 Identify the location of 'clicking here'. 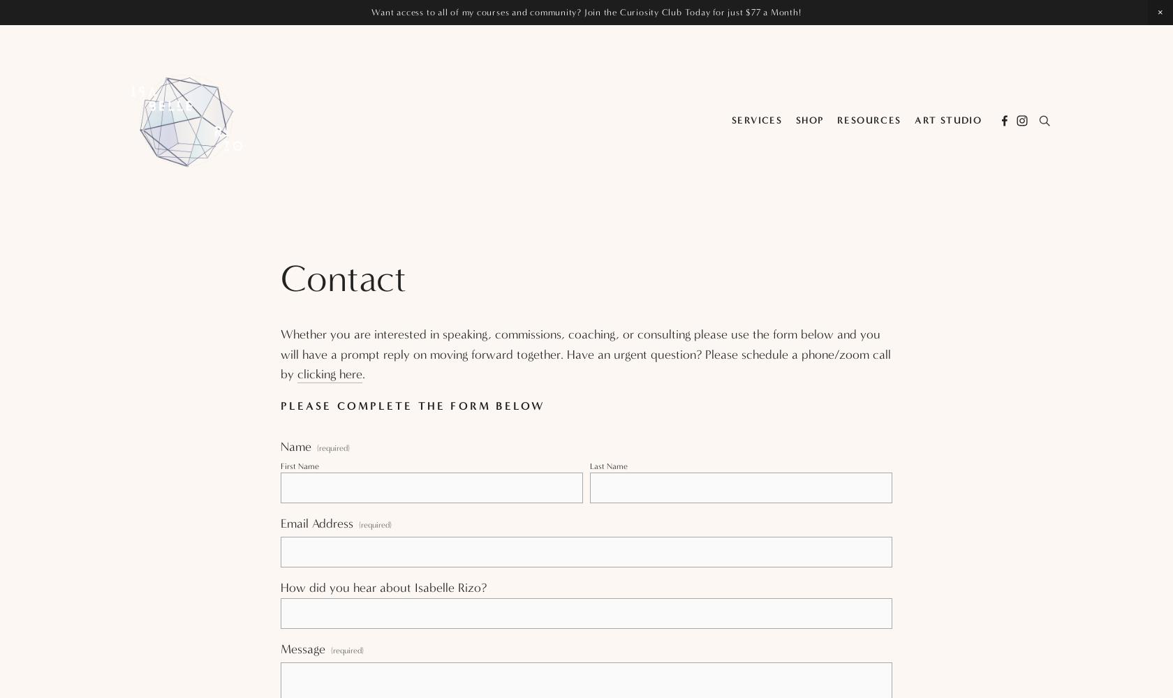
(330, 374).